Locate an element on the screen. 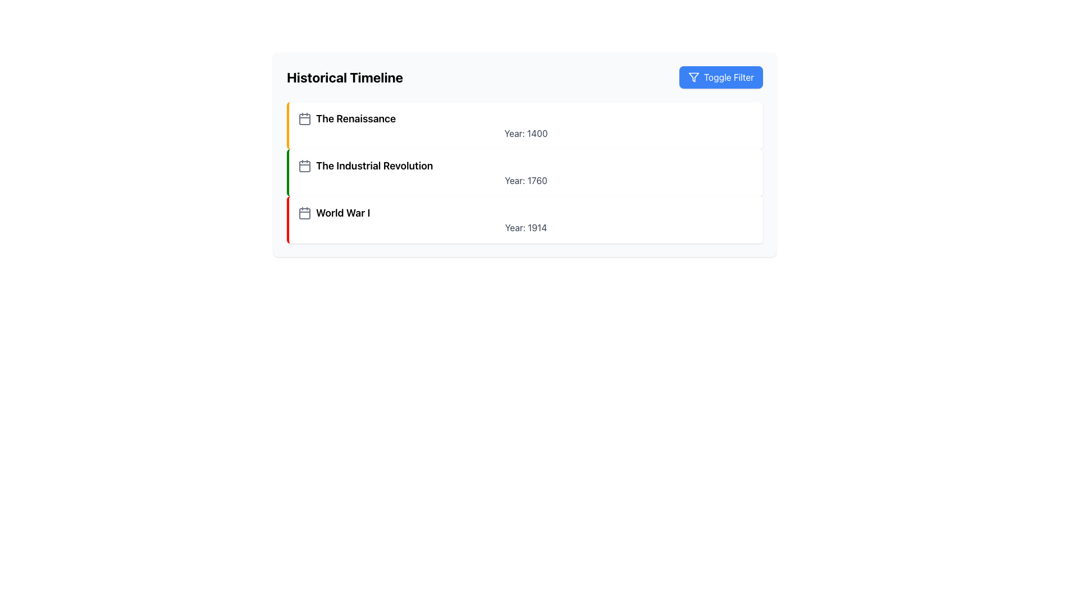 This screenshot has width=1078, height=606. the text label displaying 'Year: 1914' located in the bottom-right part of the 'World War I' card is located at coordinates (525, 227).